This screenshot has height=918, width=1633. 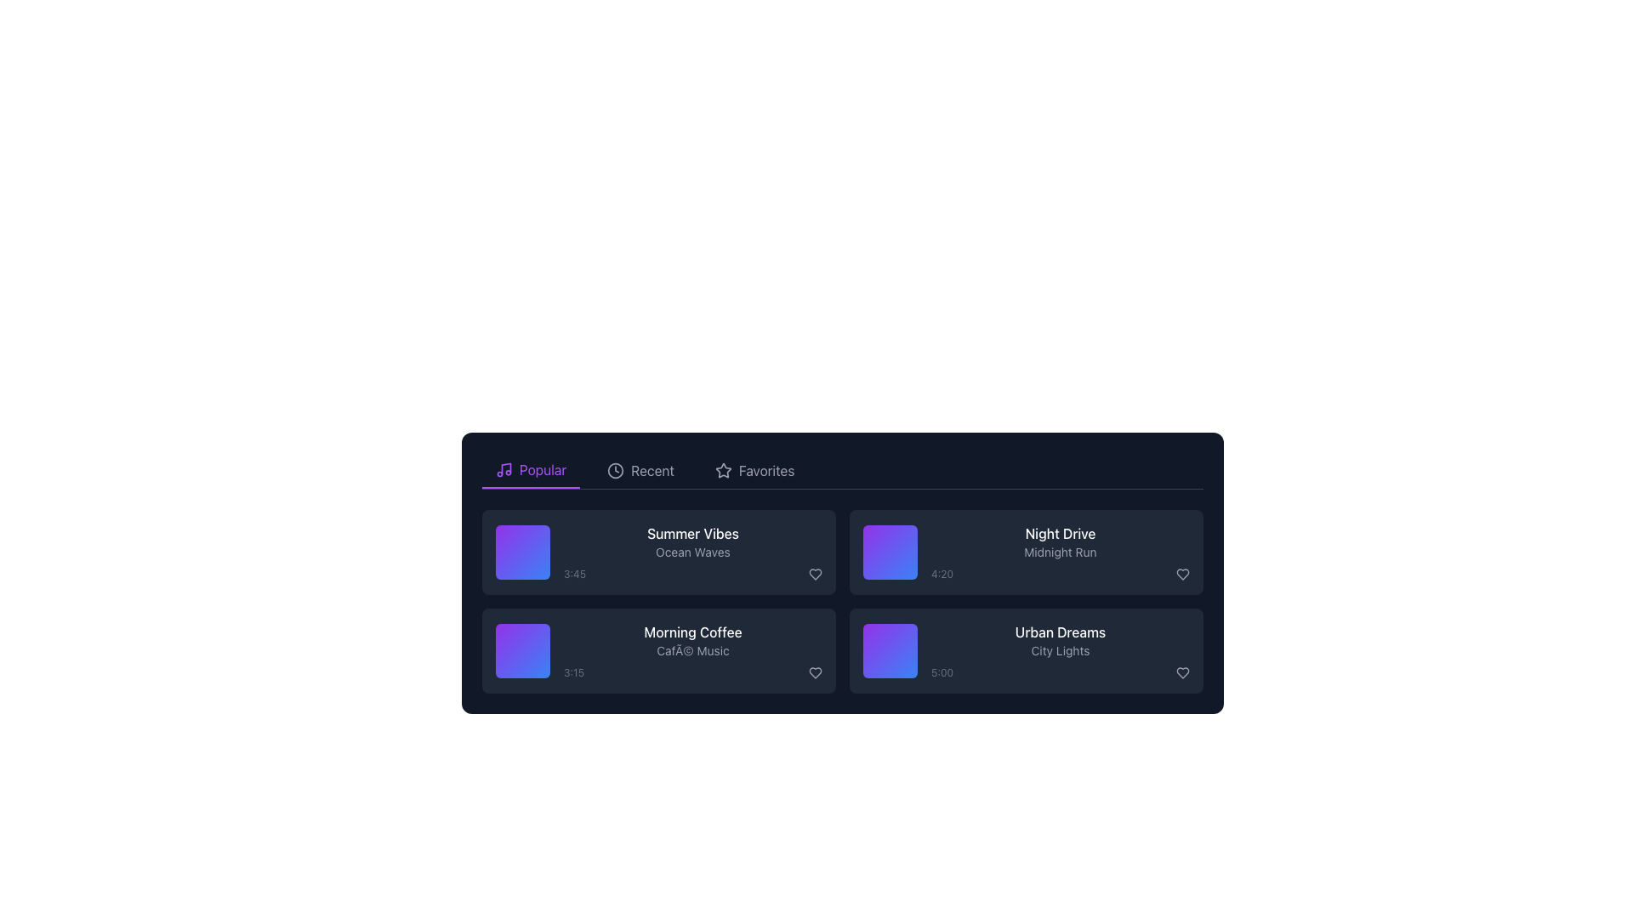 I want to click on the text label that conveys the title or name of the content, located at the top-right section of the card, specifically in the second column of elements, so click(x=1060, y=533).